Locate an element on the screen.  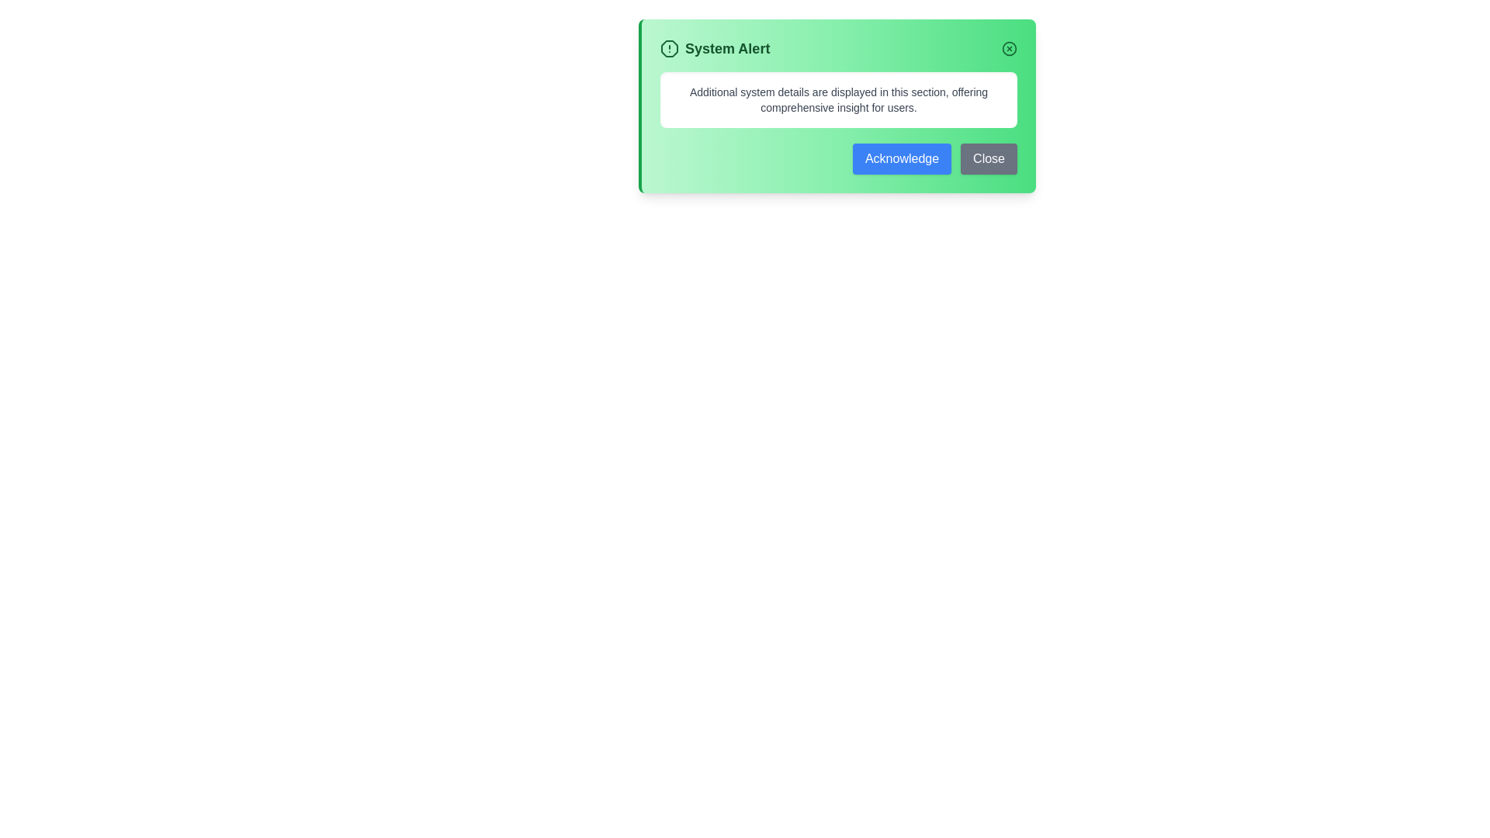
the close icon to observe its hover effect is located at coordinates (1009, 47).